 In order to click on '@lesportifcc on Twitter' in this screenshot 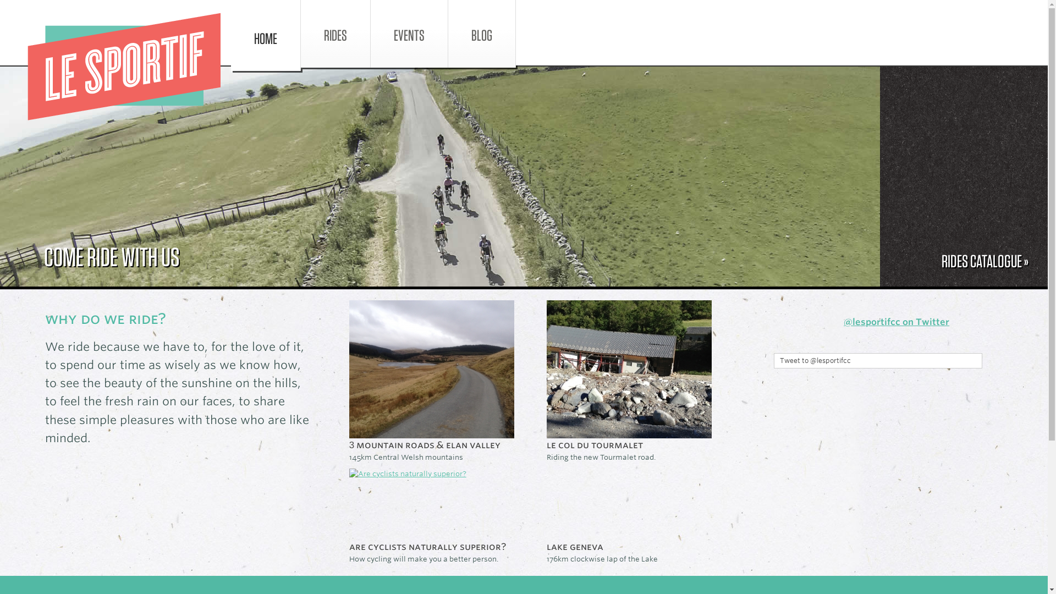, I will do `click(897, 322)`.